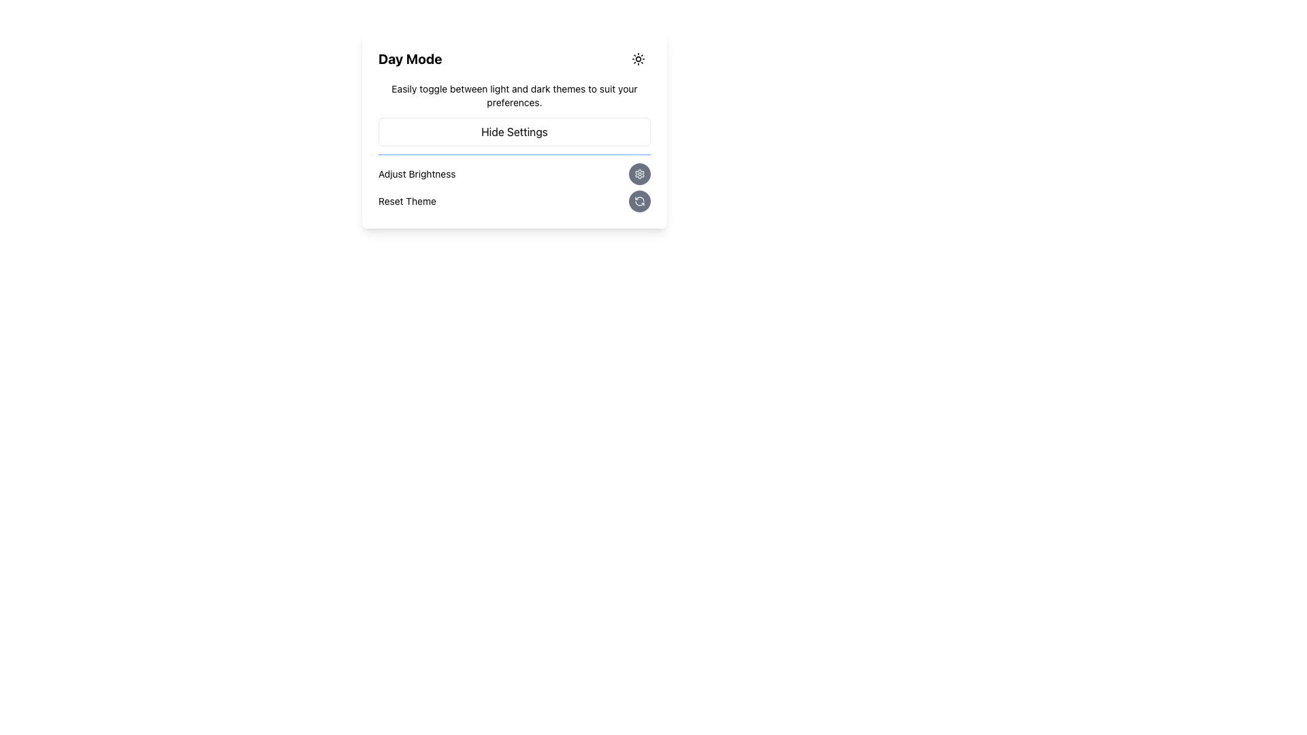 The width and height of the screenshot is (1307, 735). What do you see at coordinates (406, 201) in the screenshot?
I see `the non-interactive Text Label located on the far-left of the 'Adjust Brightness' section, which conveys information about resetting the theme` at bounding box center [406, 201].